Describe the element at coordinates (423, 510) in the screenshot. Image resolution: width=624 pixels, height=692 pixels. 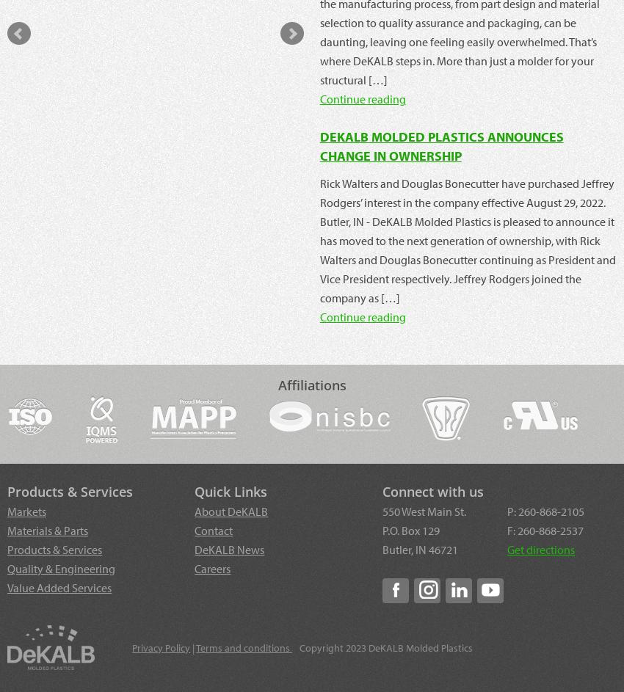
I see `'550 West Main St.'` at that location.